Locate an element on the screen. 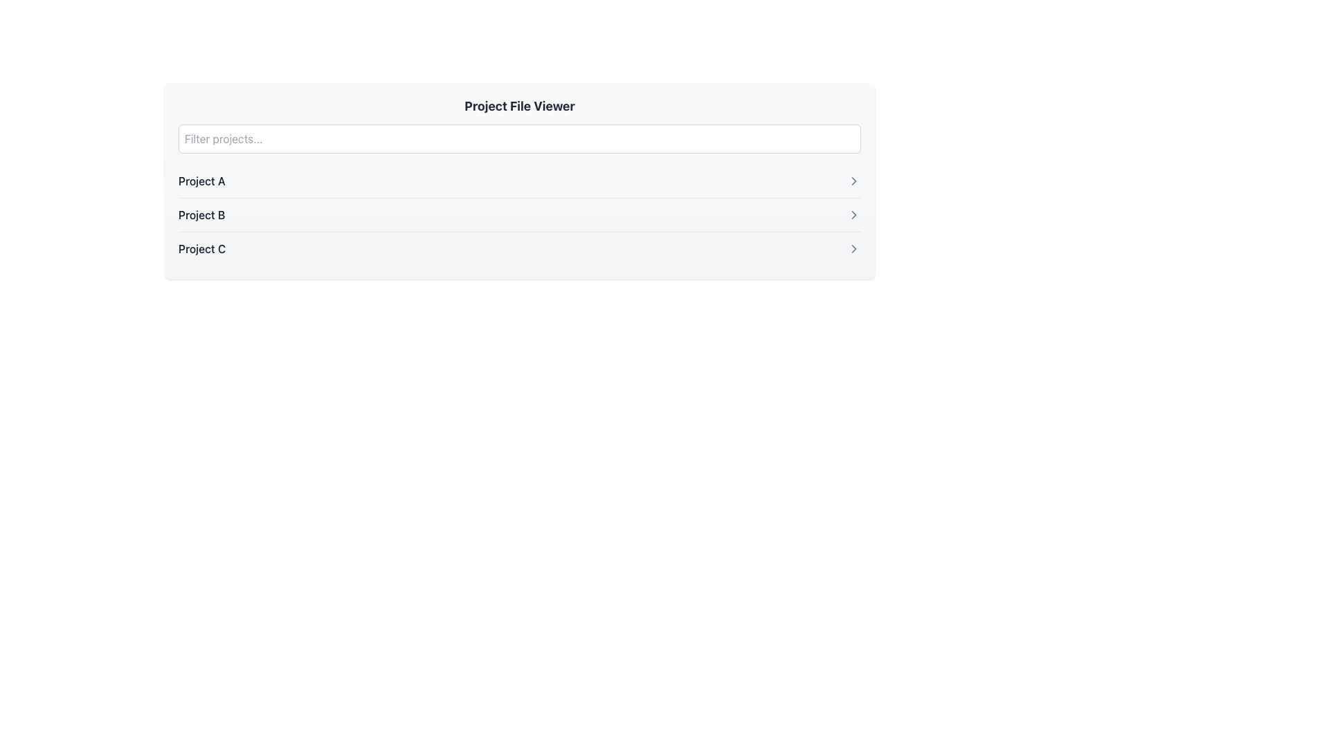 Image resolution: width=1329 pixels, height=747 pixels. the right-facing chevron arrow icon in the 'Project A' row is located at coordinates (853, 181).